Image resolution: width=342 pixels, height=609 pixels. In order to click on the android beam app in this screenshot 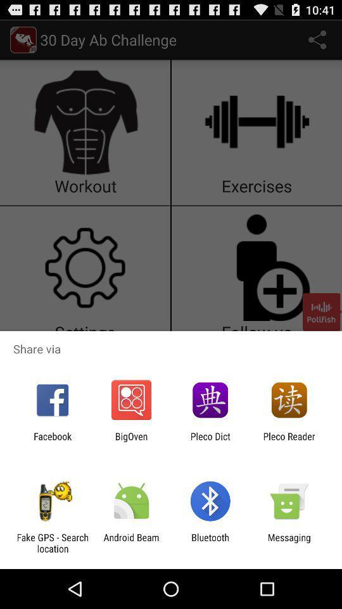, I will do `click(130, 542)`.